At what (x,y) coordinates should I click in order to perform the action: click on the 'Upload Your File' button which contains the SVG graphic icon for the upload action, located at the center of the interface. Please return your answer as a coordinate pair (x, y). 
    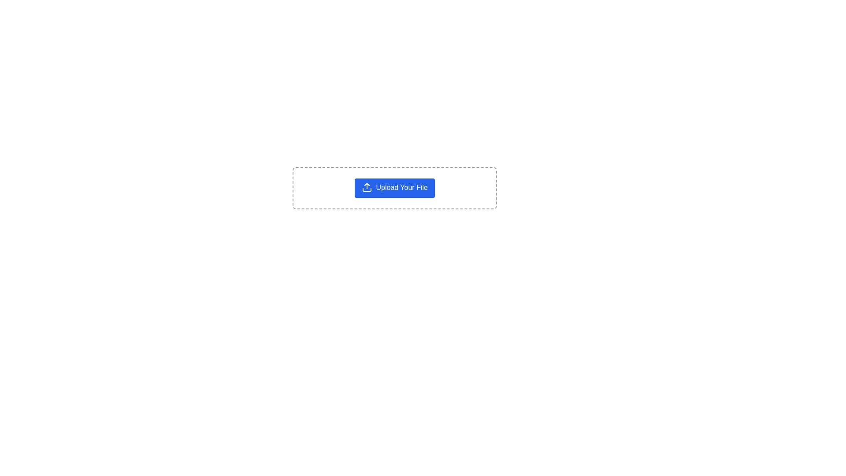
    Looking at the image, I should click on (367, 186).